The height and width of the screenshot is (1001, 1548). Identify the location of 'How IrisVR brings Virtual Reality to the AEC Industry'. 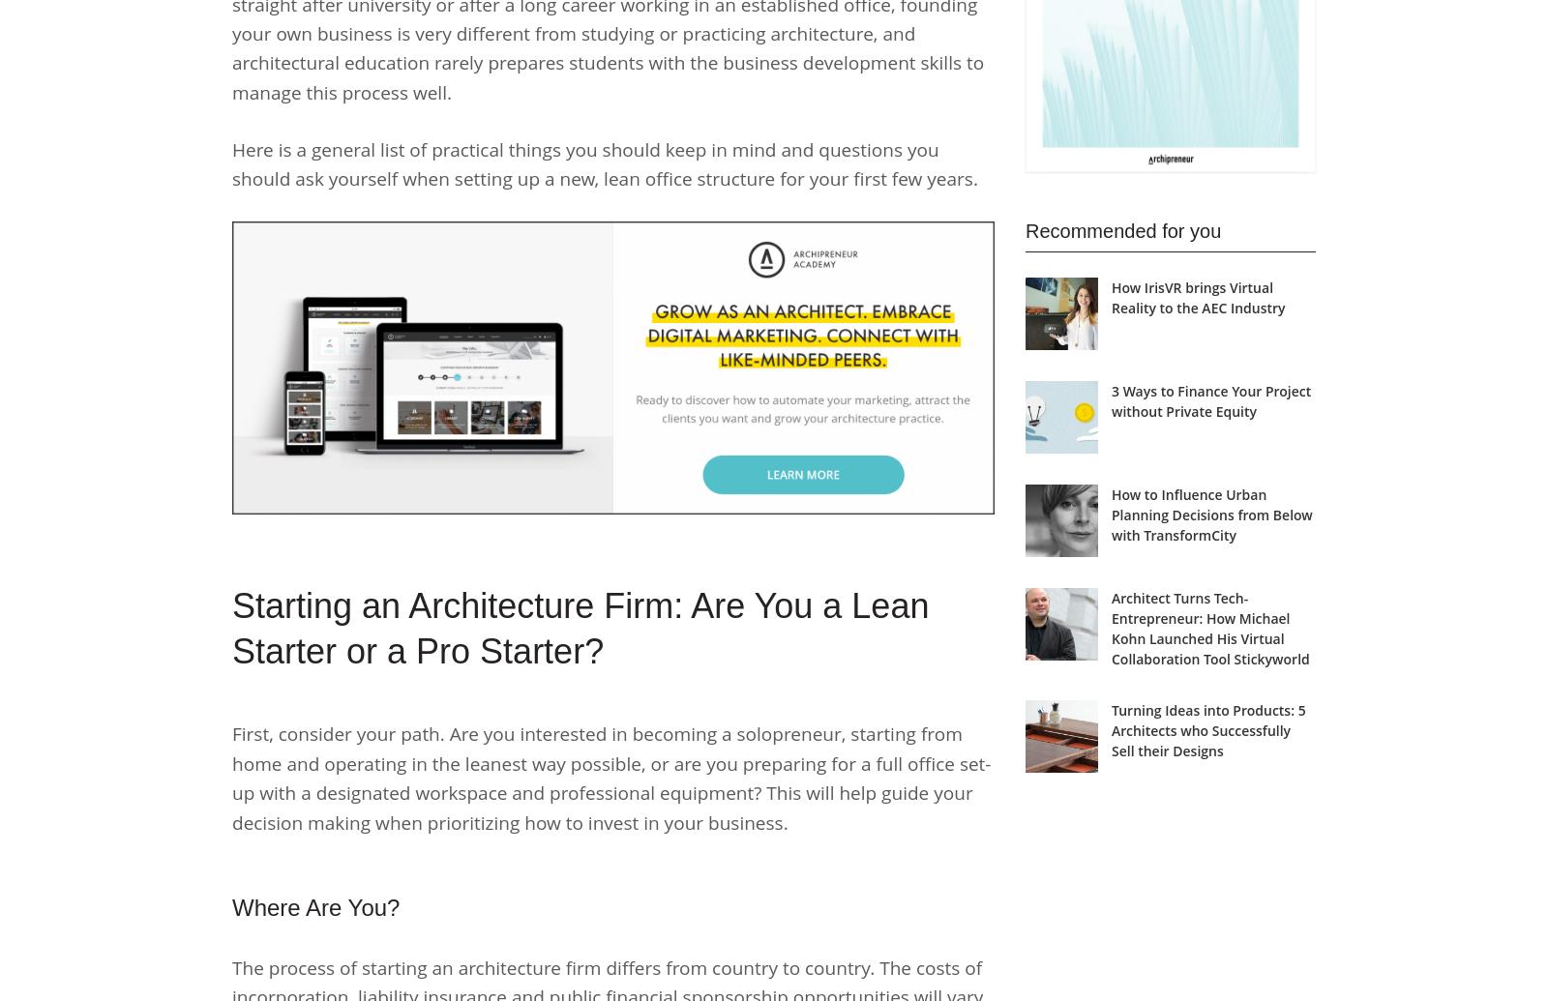
(1197, 298).